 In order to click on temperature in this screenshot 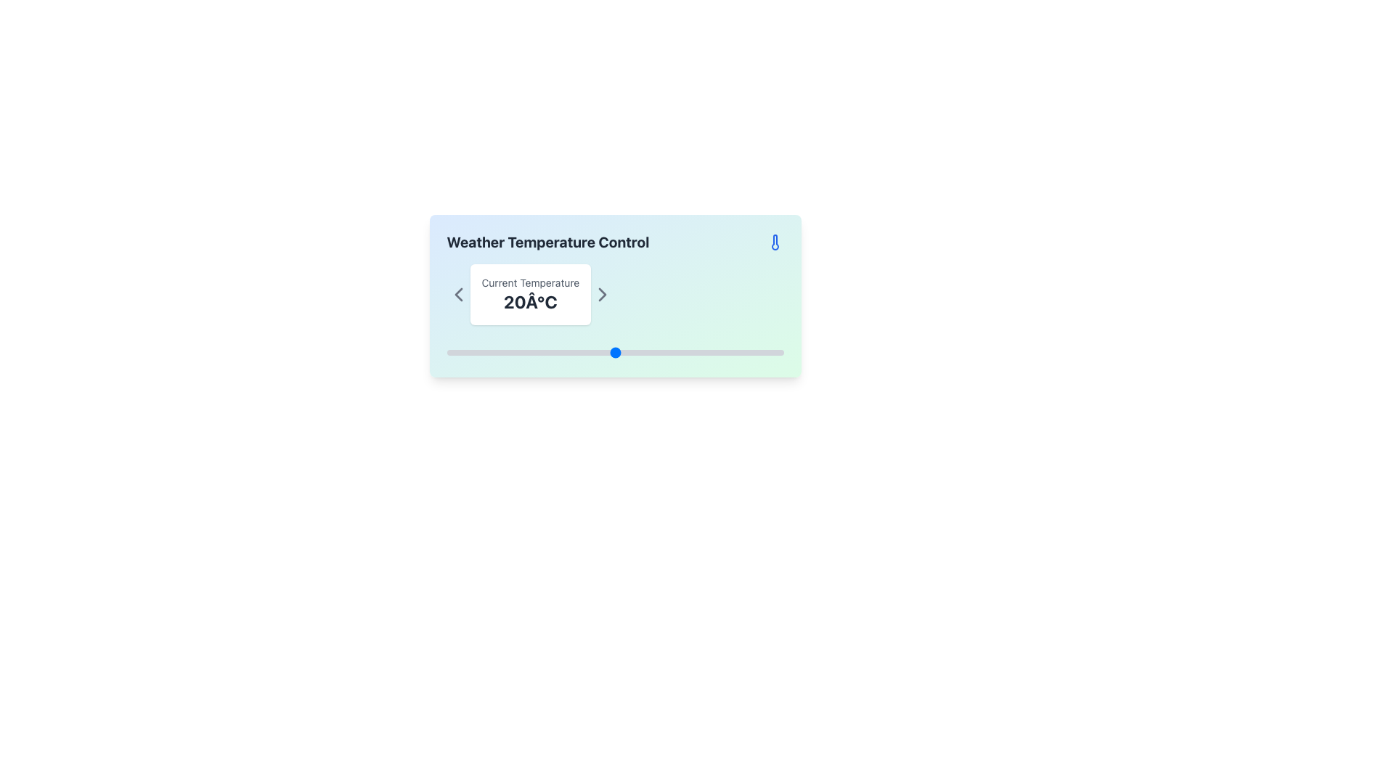, I will do `click(582, 353)`.